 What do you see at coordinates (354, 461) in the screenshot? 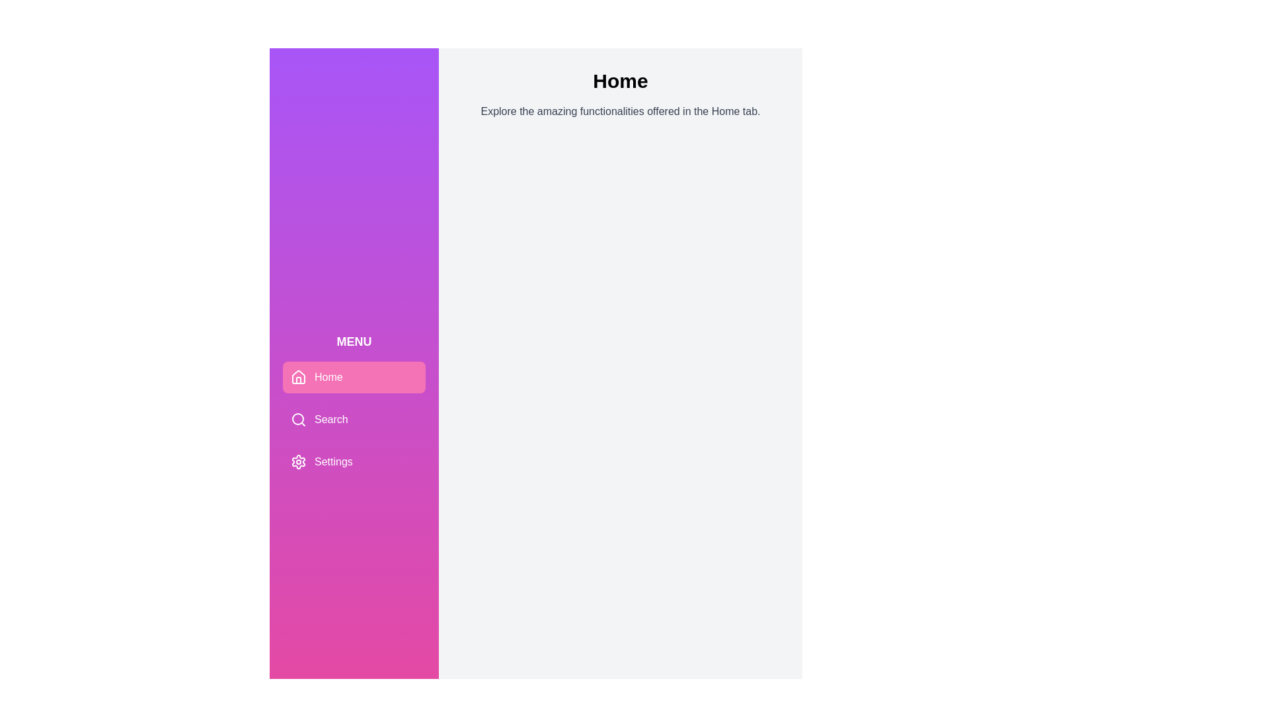
I see `the Settings tab from the menu` at bounding box center [354, 461].